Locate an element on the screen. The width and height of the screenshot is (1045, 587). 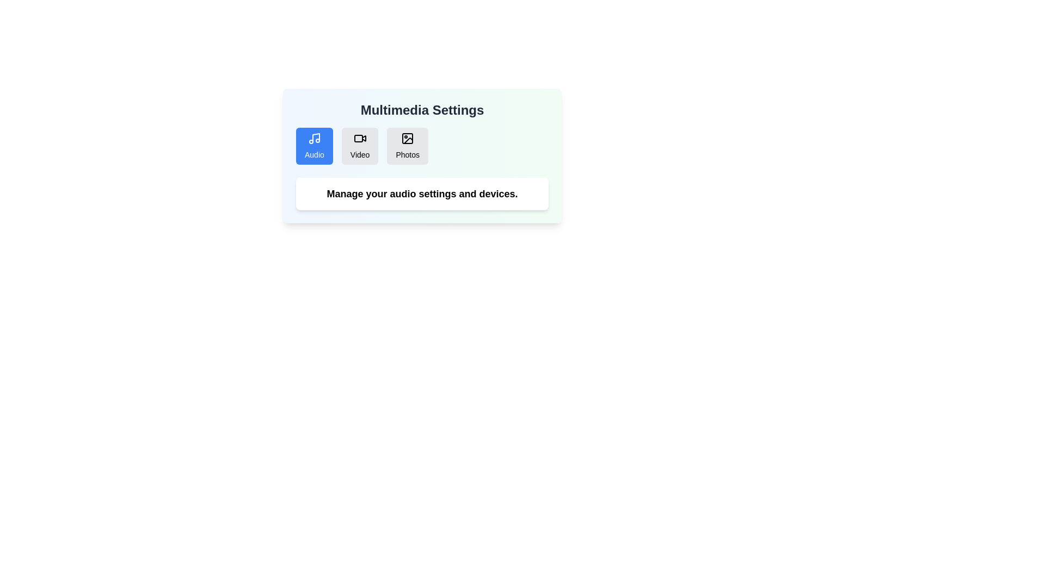
the third button in the row under 'Multimedia Settings' is located at coordinates (407, 146).